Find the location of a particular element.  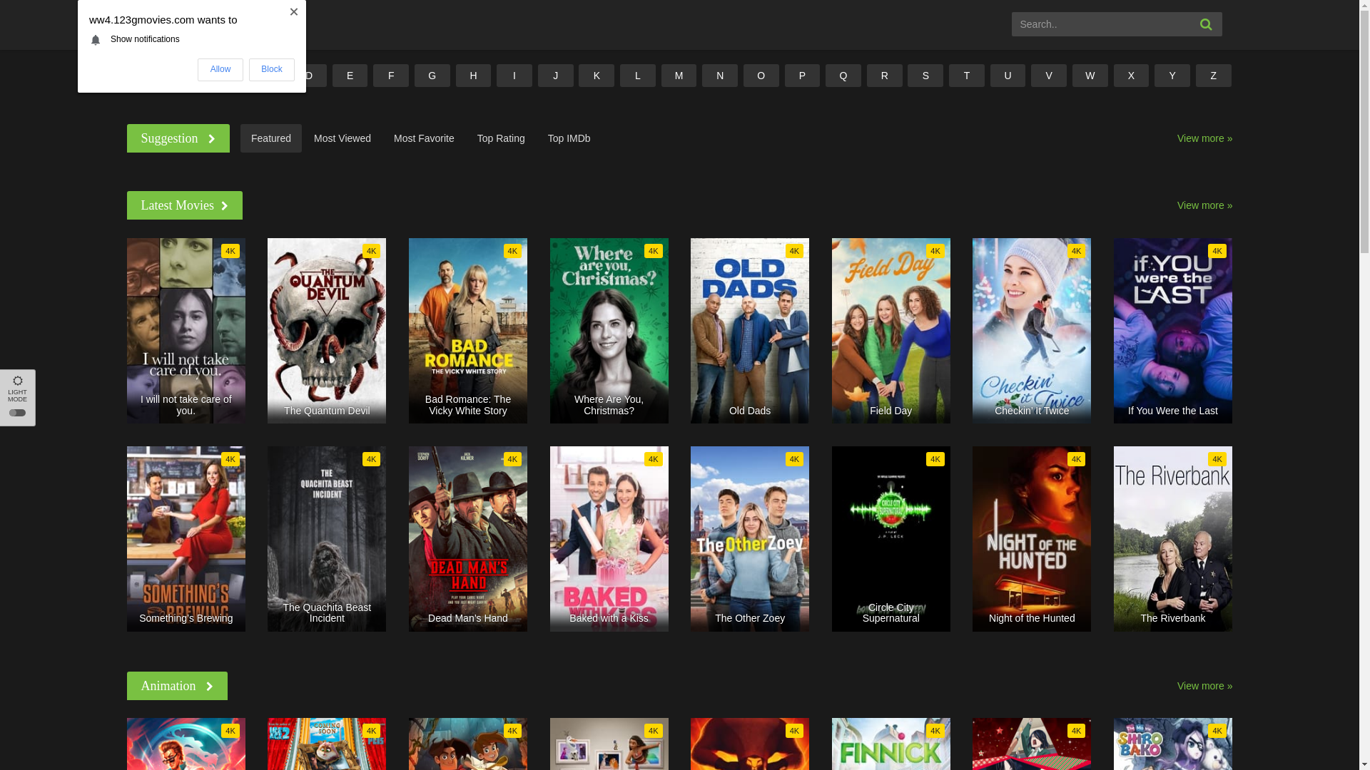

'4K is located at coordinates (609, 539).